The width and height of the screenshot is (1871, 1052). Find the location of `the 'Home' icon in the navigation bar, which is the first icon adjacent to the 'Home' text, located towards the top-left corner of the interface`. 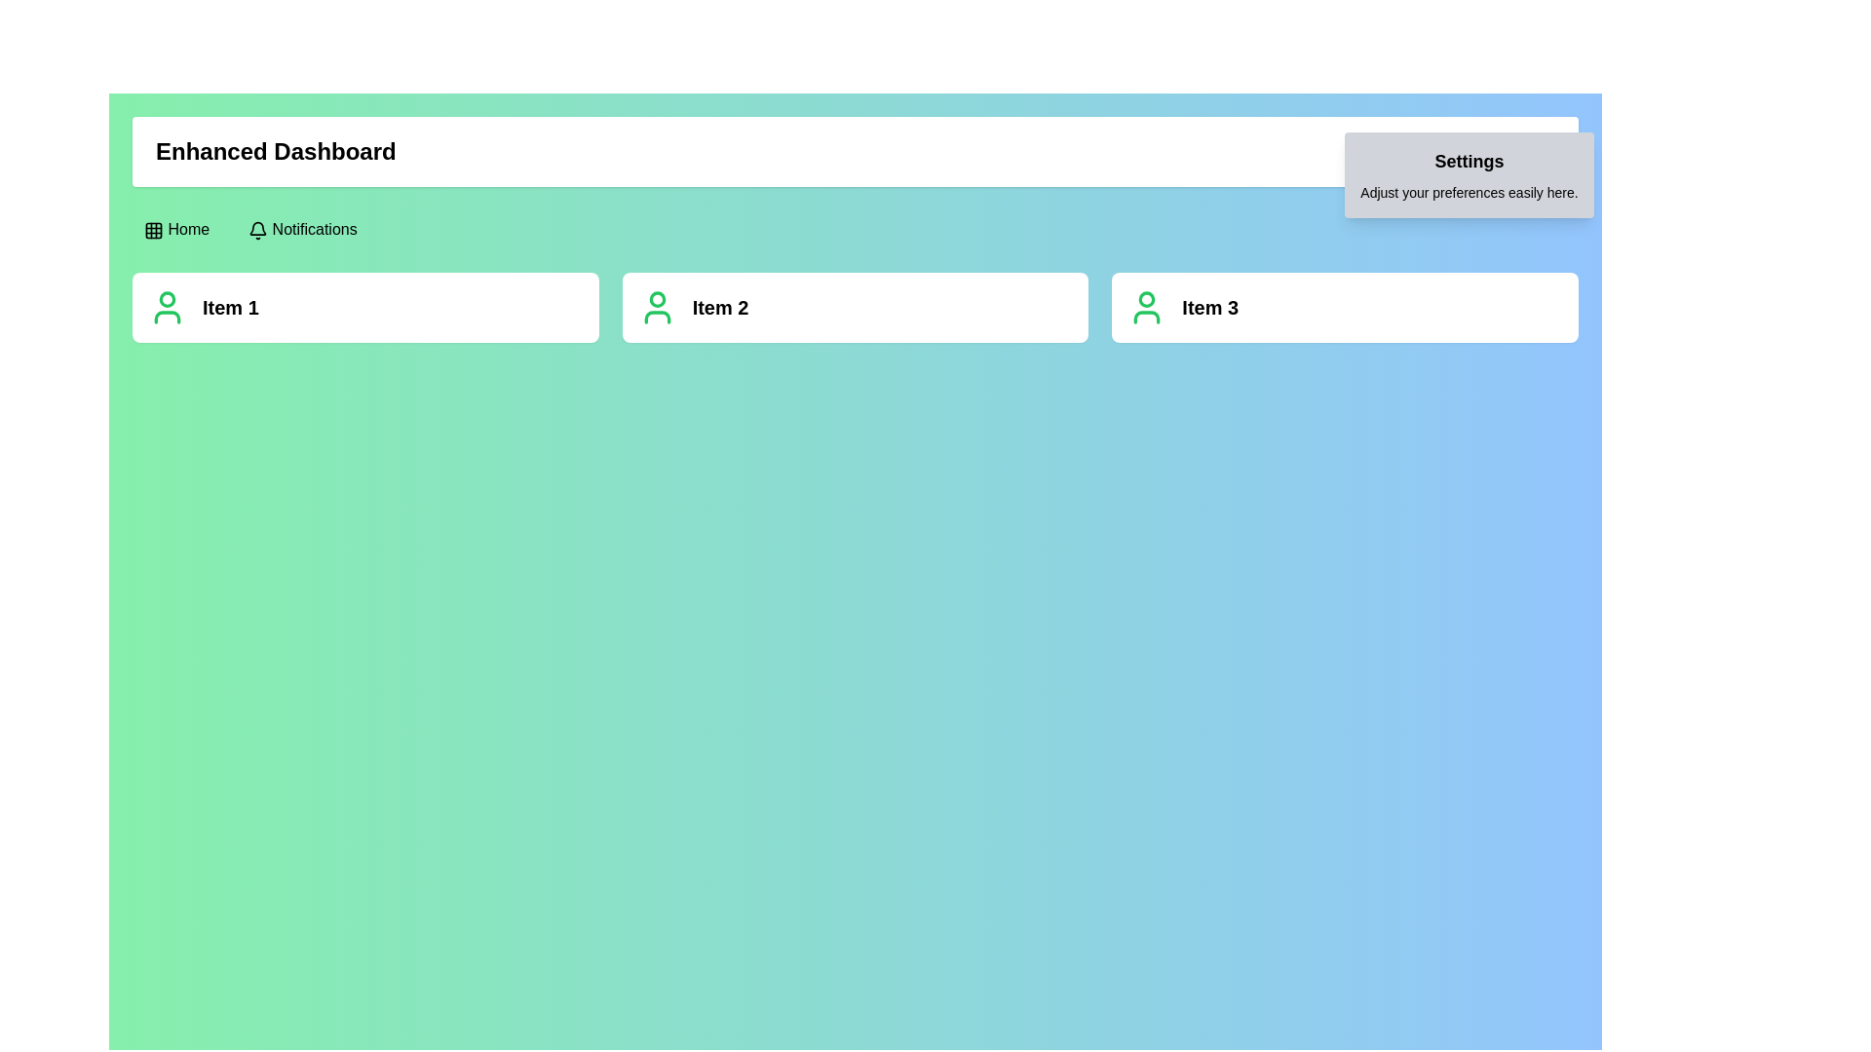

the 'Home' icon in the navigation bar, which is the first icon adjacent to the 'Home' text, located towards the top-left corner of the interface is located at coordinates (153, 228).